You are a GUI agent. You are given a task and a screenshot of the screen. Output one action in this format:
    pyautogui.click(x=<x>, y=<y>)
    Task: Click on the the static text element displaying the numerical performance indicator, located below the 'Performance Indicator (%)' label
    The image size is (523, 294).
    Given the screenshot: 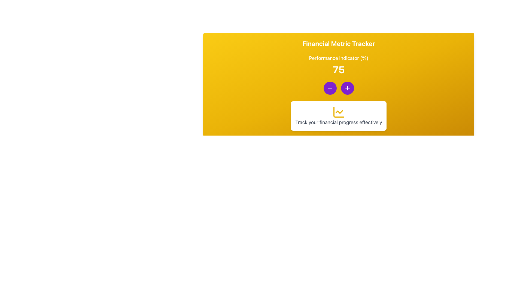 What is the action you would take?
    pyautogui.click(x=338, y=69)
    